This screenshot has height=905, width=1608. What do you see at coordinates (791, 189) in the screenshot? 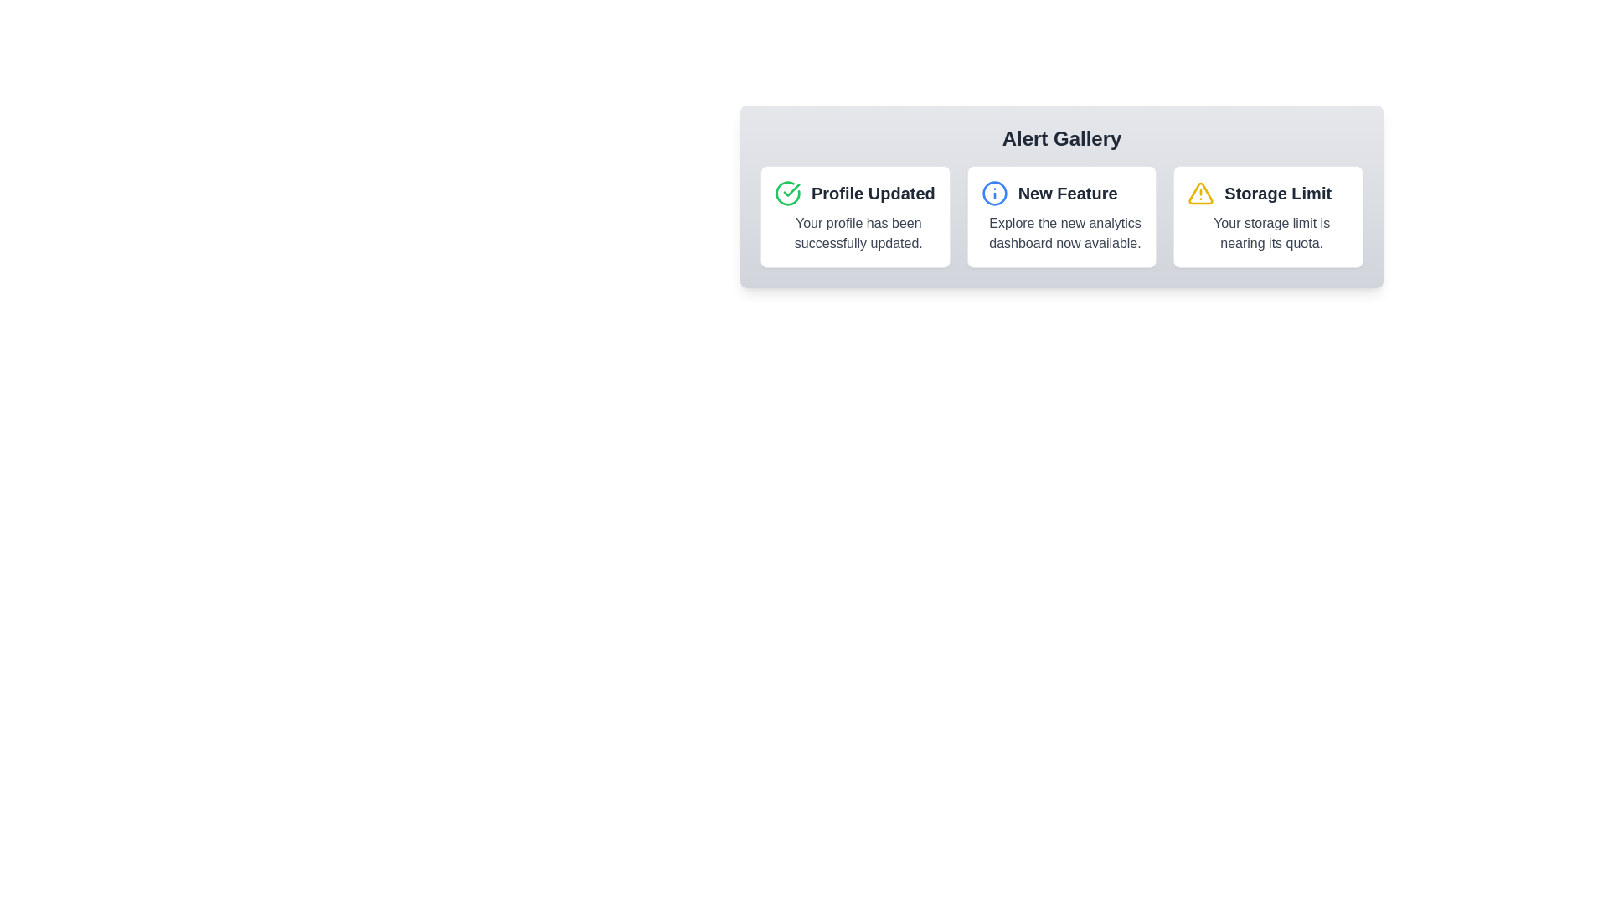
I see `the green checkmark icon located within the 'Profile Updated' card in the Alert Gallery section` at bounding box center [791, 189].